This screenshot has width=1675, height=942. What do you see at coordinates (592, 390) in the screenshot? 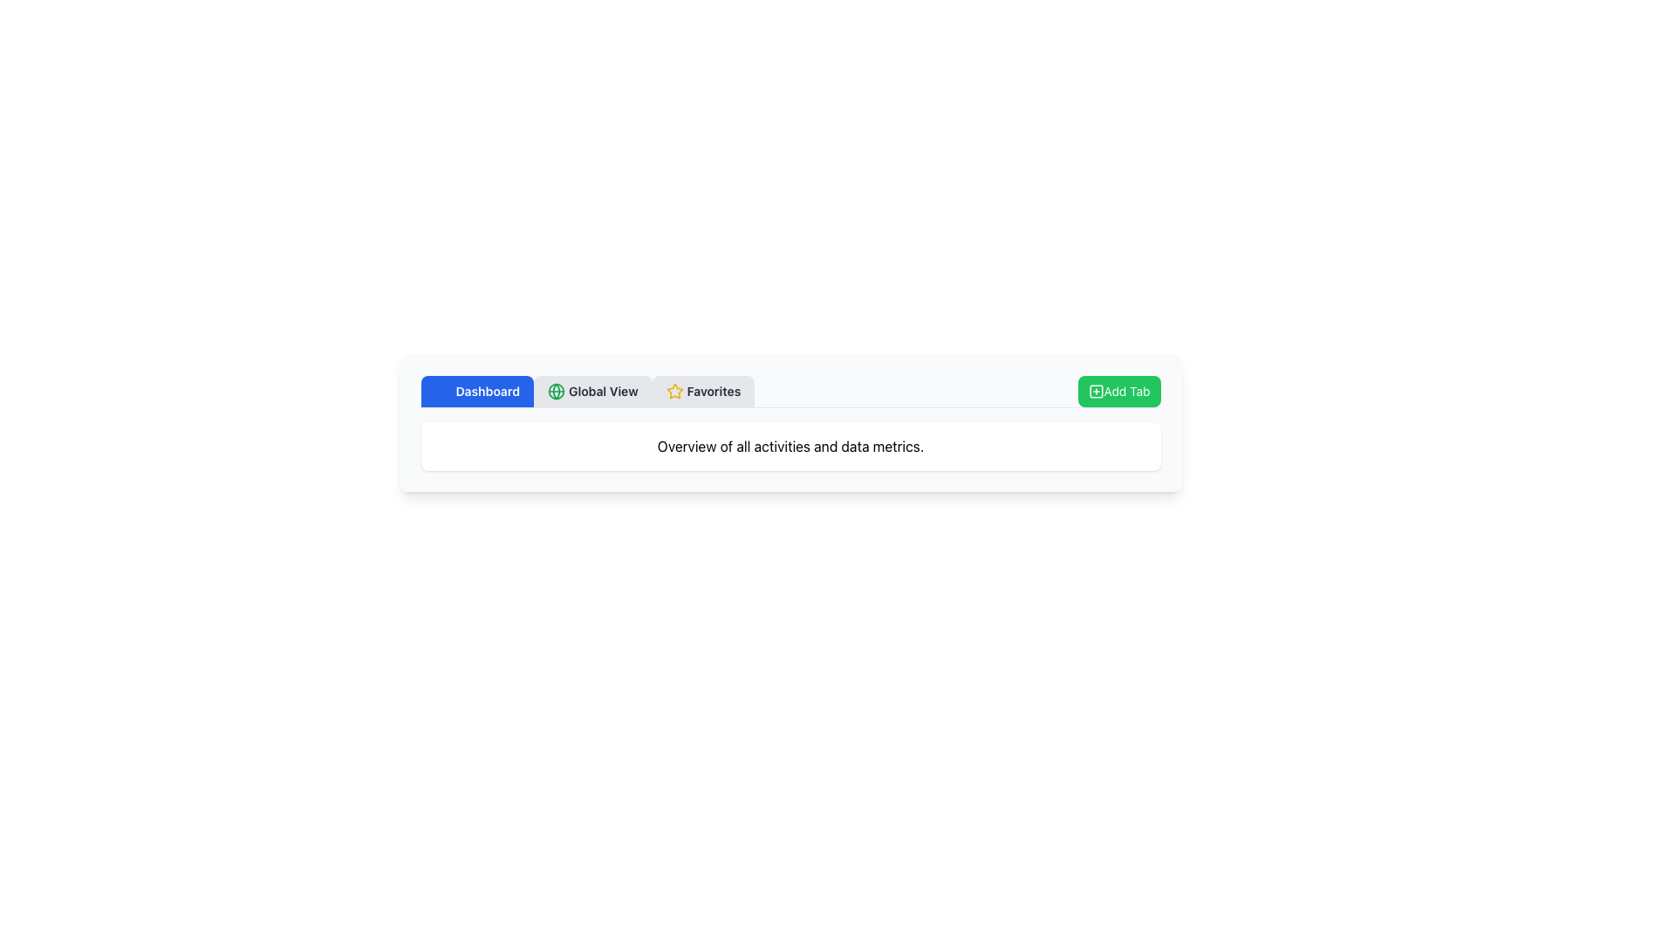
I see `the 'Global View' button located between 'Dashboard' and 'Favorites' using keyboard navigation` at bounding box center [592, 390].